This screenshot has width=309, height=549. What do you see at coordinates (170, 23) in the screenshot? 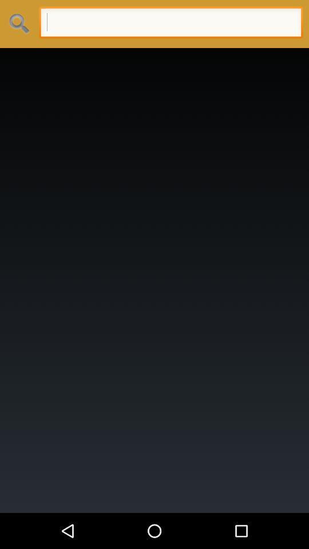
I see `type search` at bounding box center [170, 23].